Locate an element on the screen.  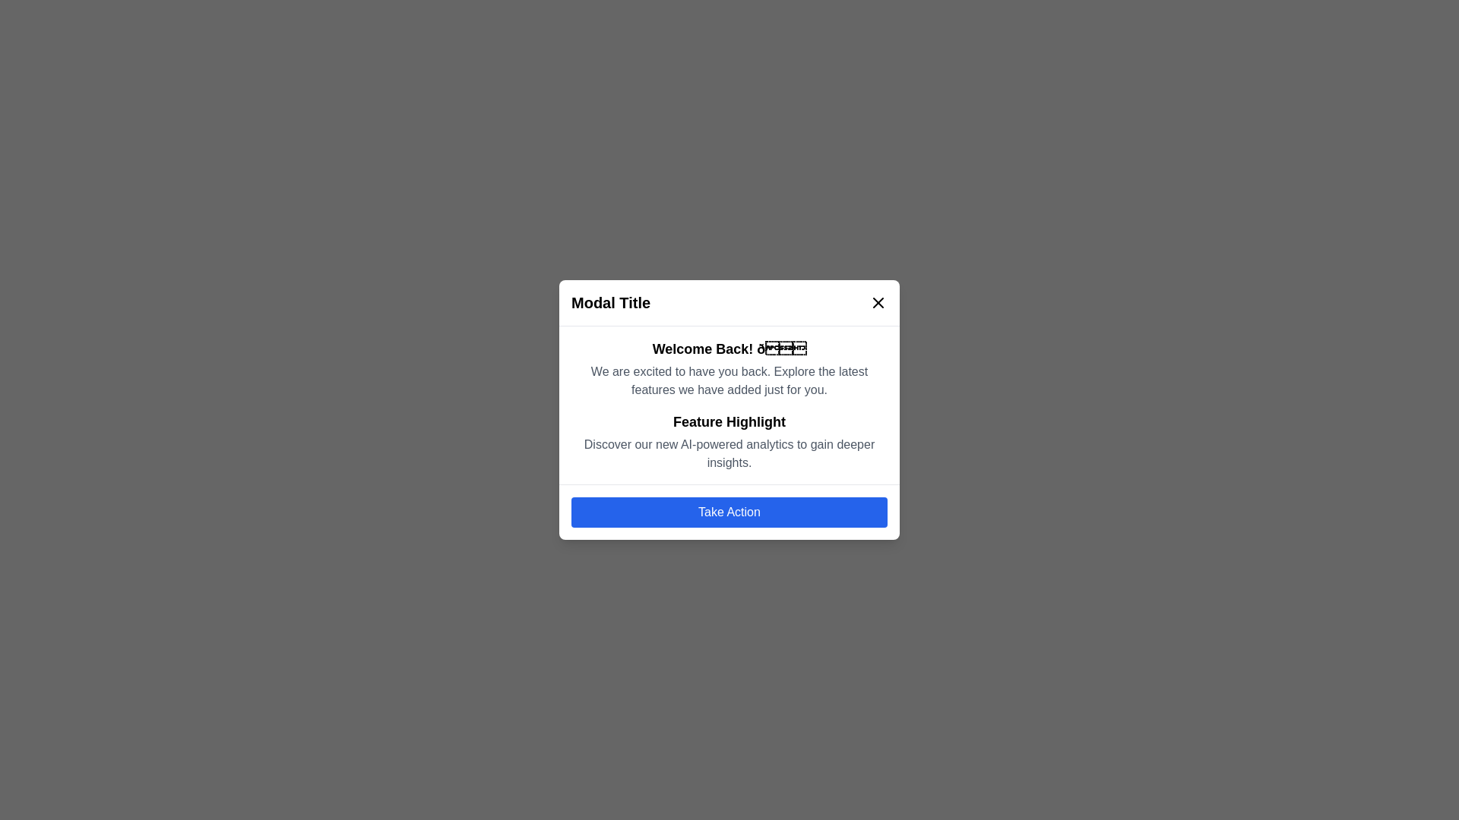
the Informational Text Section located in the modal dialog, which introduces the new AI-powered analytics feature, positioned below the welcome statement and above the 'Take Action' button is located at coordinates (729, 442).